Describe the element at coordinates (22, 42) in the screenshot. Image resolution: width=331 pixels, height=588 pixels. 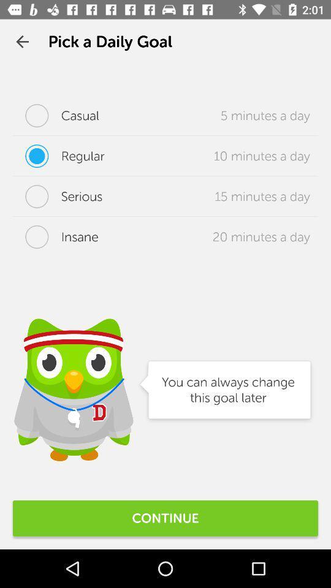
I see `the icon to the left of pick a daily` at that location.